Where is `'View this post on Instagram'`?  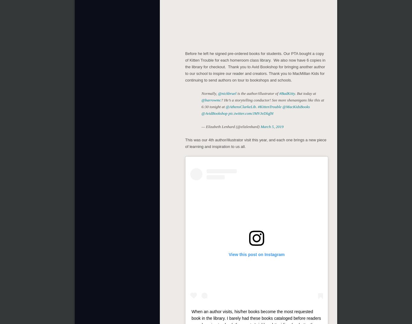
'View this post on Instagram' is located at coordinates (256, 254).